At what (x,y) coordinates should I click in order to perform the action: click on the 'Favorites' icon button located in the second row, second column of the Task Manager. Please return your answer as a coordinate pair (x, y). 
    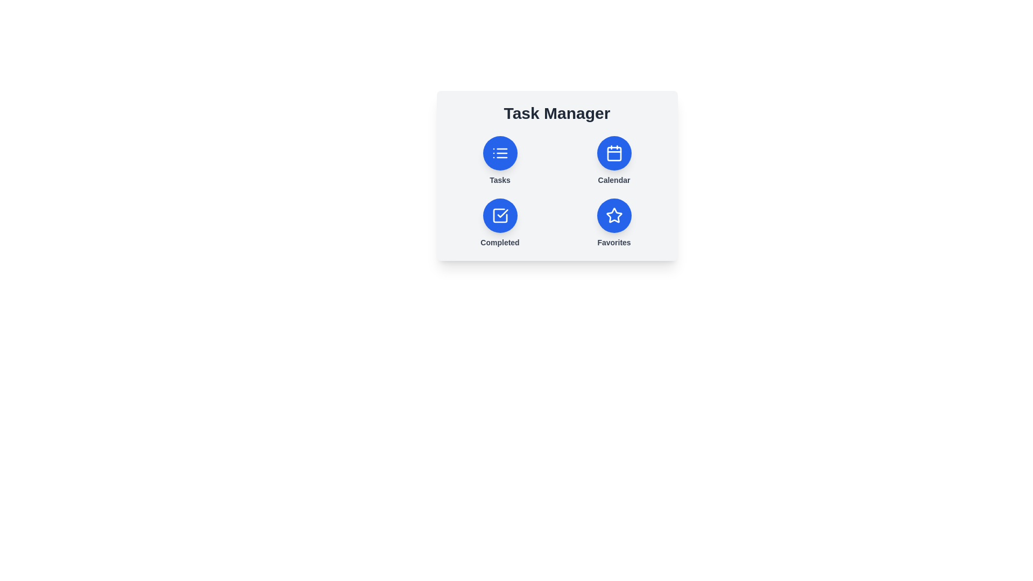
    Looking at the image, I should click on (614, 215).